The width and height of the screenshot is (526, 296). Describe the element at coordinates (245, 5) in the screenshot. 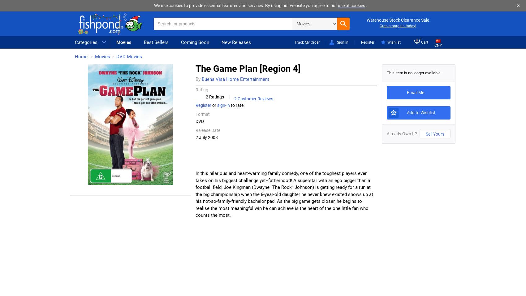

I see `'We use cookies to provide essential features and services. By using our website you agree to our'` at that location.